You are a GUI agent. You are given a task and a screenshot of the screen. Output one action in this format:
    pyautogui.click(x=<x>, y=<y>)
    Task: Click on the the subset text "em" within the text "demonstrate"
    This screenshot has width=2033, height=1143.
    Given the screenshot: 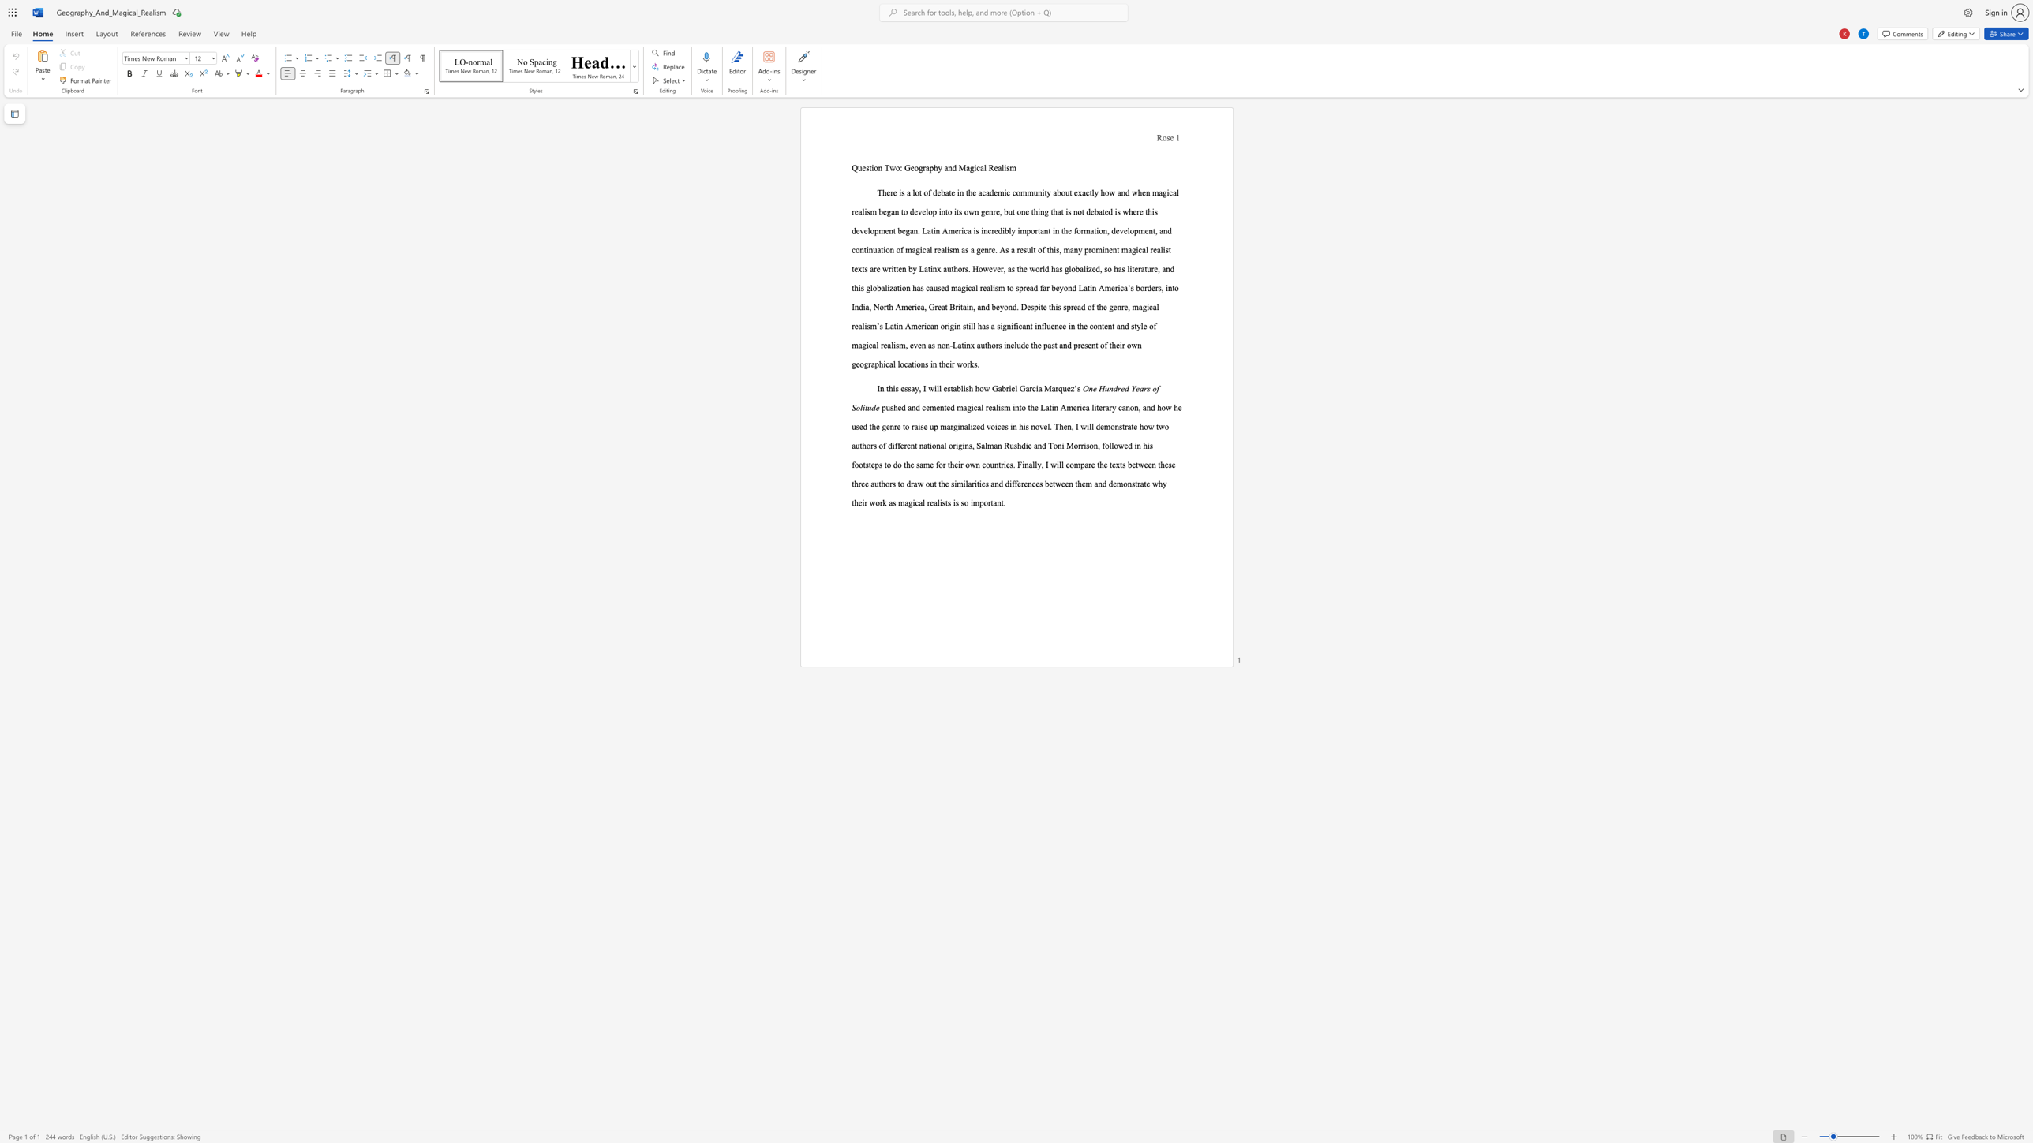 What is the action you would take?
    pyautogui.click(x=1099, y=427)
    